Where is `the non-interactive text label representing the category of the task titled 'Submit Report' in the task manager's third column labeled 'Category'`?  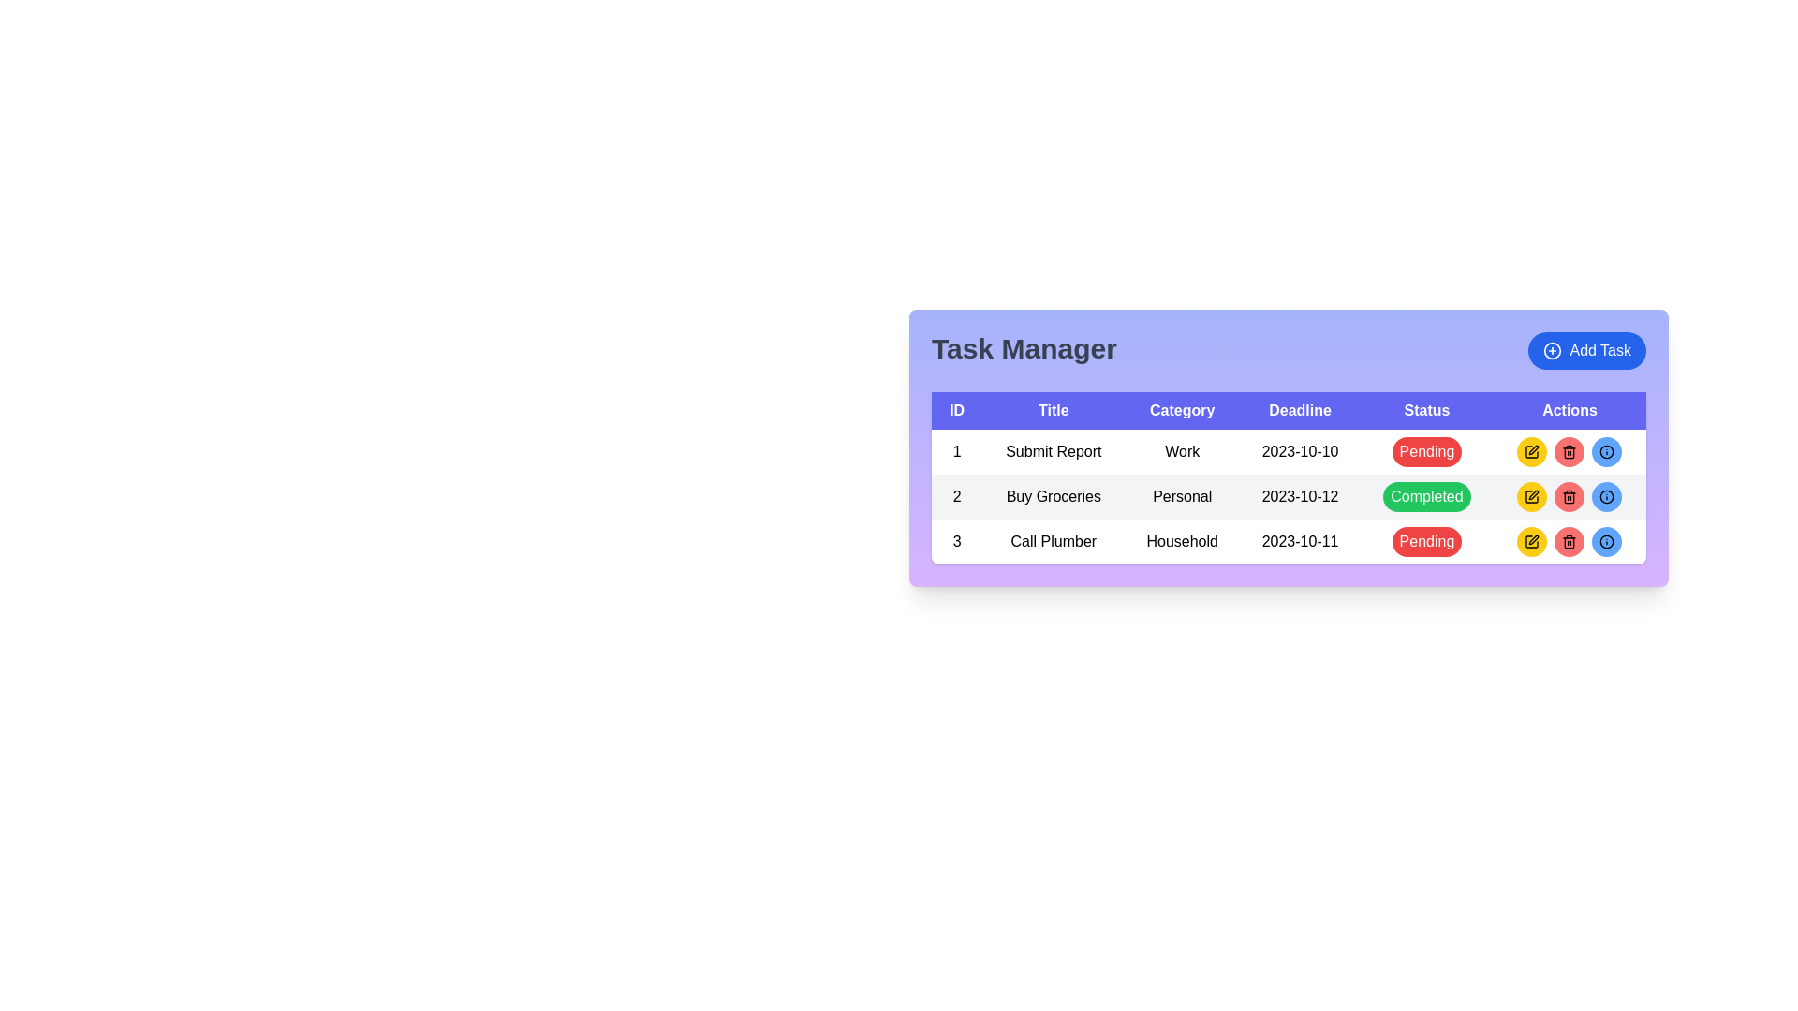
the non-interactive text label representing the category of the task titled 'Submit Report' in the task manager's third column labeled 'Category' is located at coordinates (1181, 451).